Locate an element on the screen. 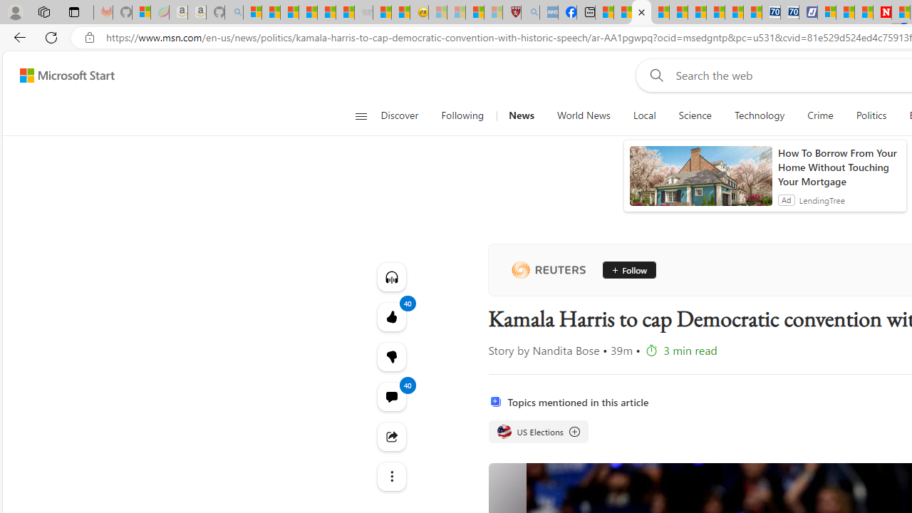 The image size is (912, 513). 'Politics' is located at coordinates (871, 115).